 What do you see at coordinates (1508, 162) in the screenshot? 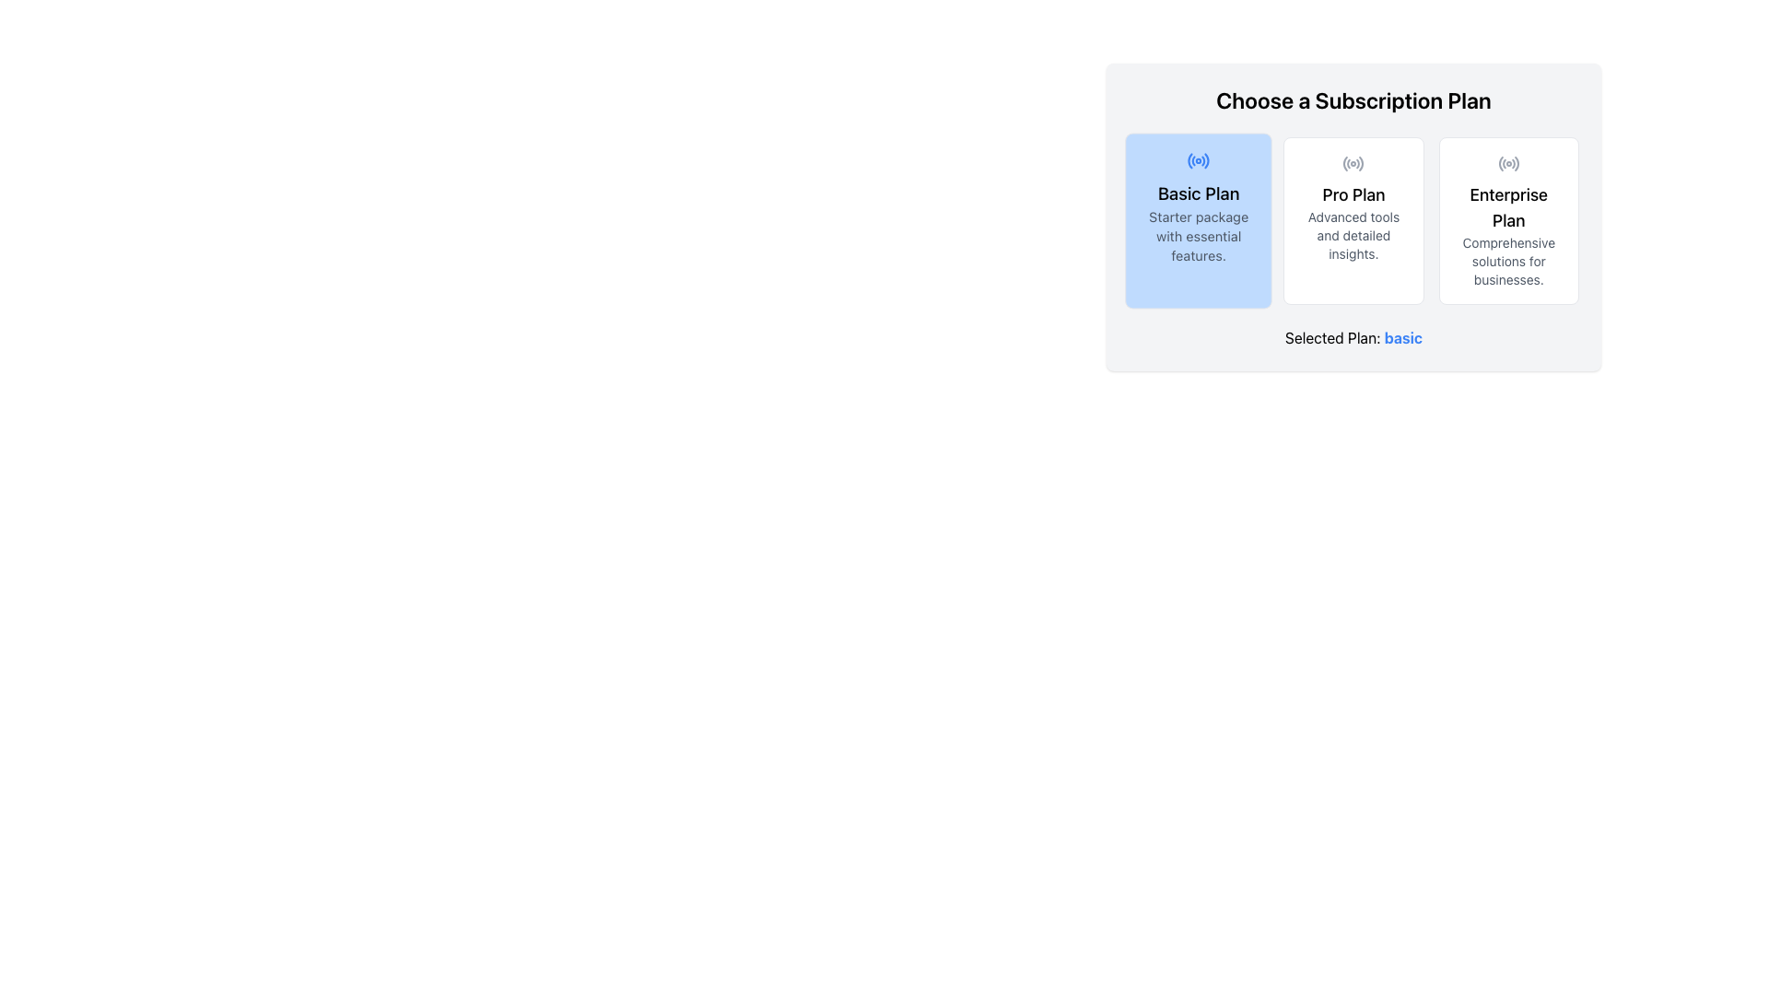
I see `the circular icon resembling a radio transmission symbol located above the 'Enterprise Plan' title in the 'Choose a Subscription Plan' section` at bounding box center [1508, 162].